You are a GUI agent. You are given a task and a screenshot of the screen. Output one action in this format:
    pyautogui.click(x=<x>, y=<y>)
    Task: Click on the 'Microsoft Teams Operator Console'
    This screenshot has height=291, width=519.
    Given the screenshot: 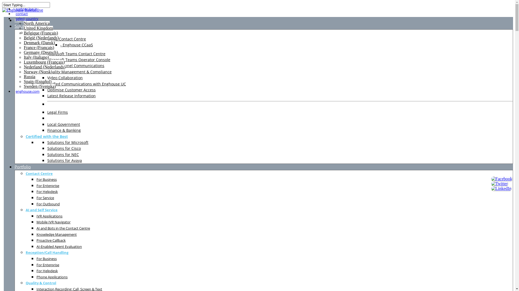 What is the action you would take?
    pyautogui.click(x=47, y=60)
    